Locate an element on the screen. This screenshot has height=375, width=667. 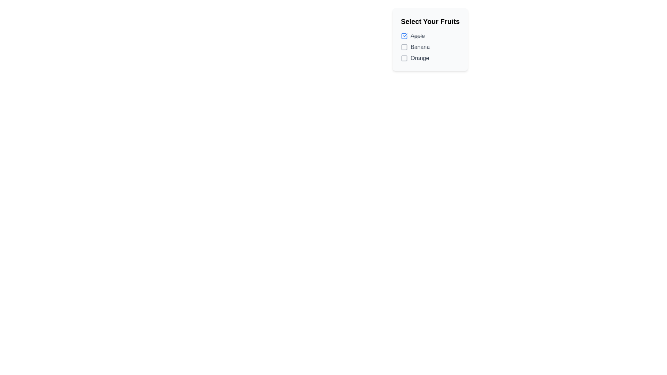
the checkbox associated with the 'Apple' option is located at coordinates (404, 36).